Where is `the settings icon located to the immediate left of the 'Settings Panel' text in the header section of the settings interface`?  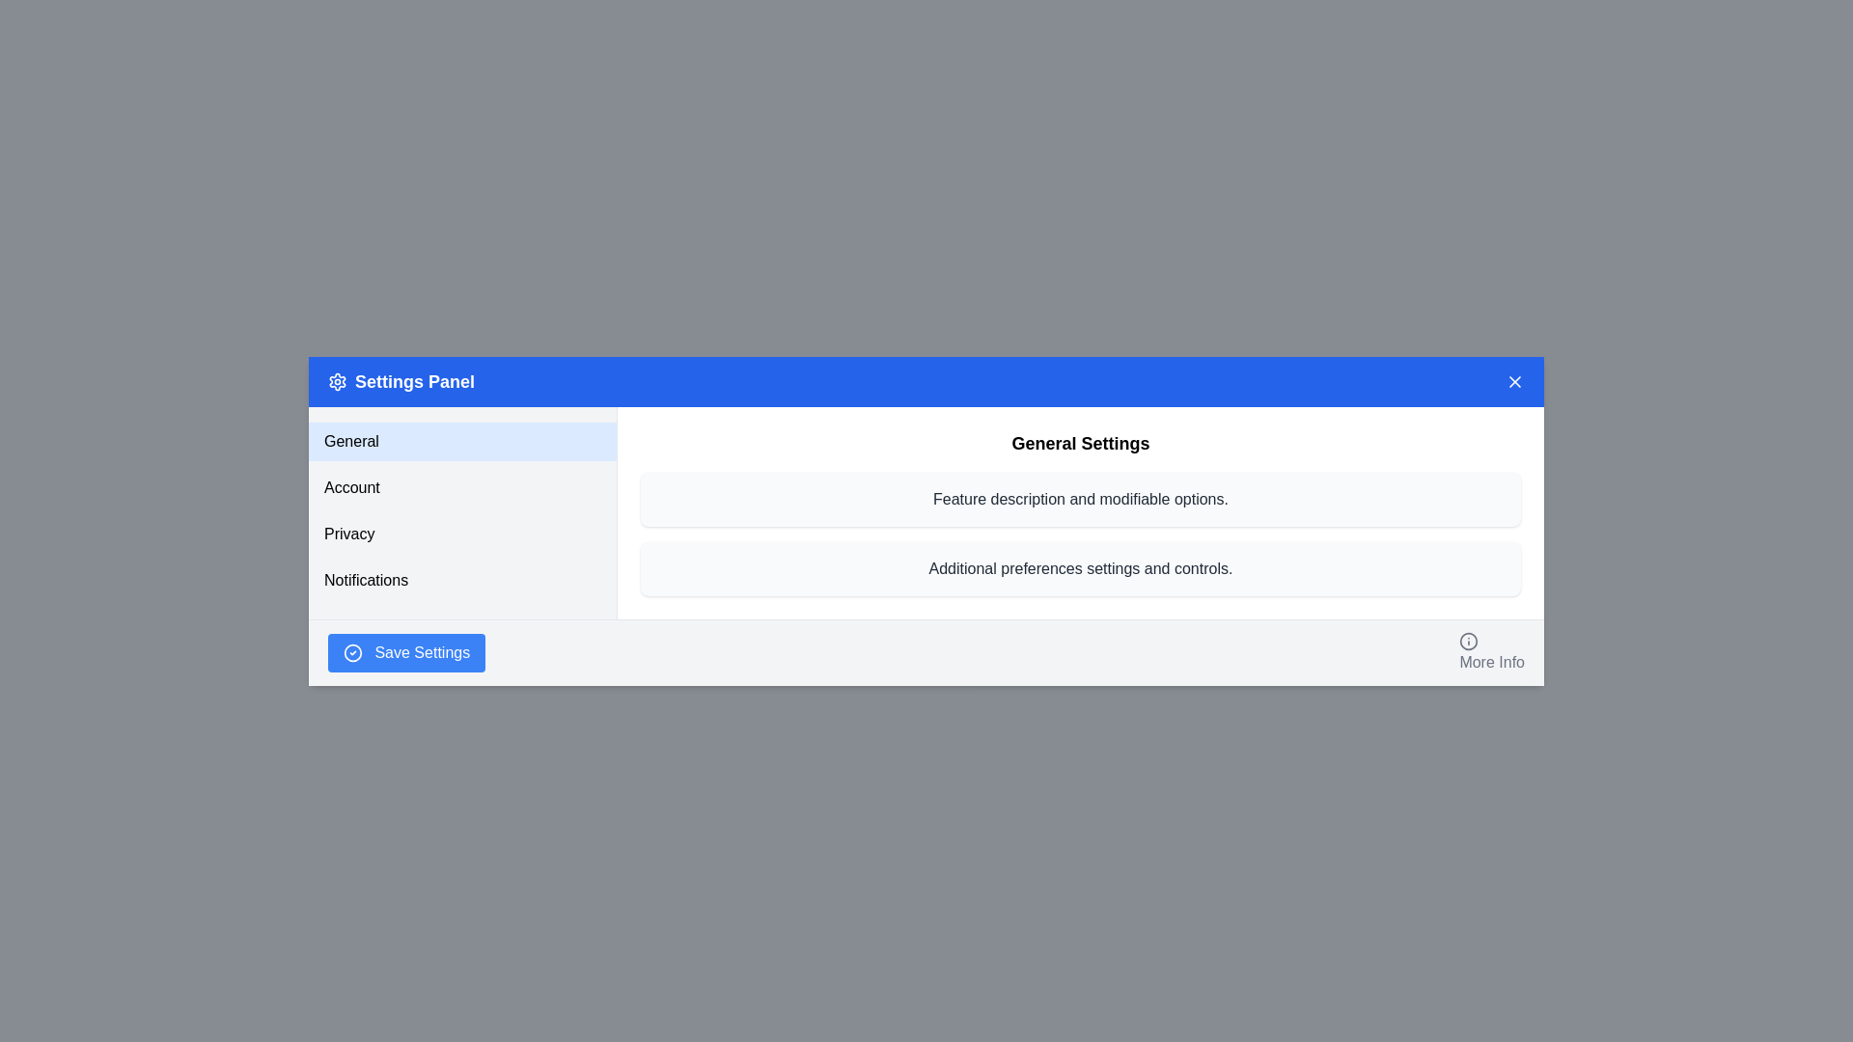
the settings icon located to the immediate left of the 'Settings Panel' text in the header section of the settings interface is located at coordinates (338, 380).